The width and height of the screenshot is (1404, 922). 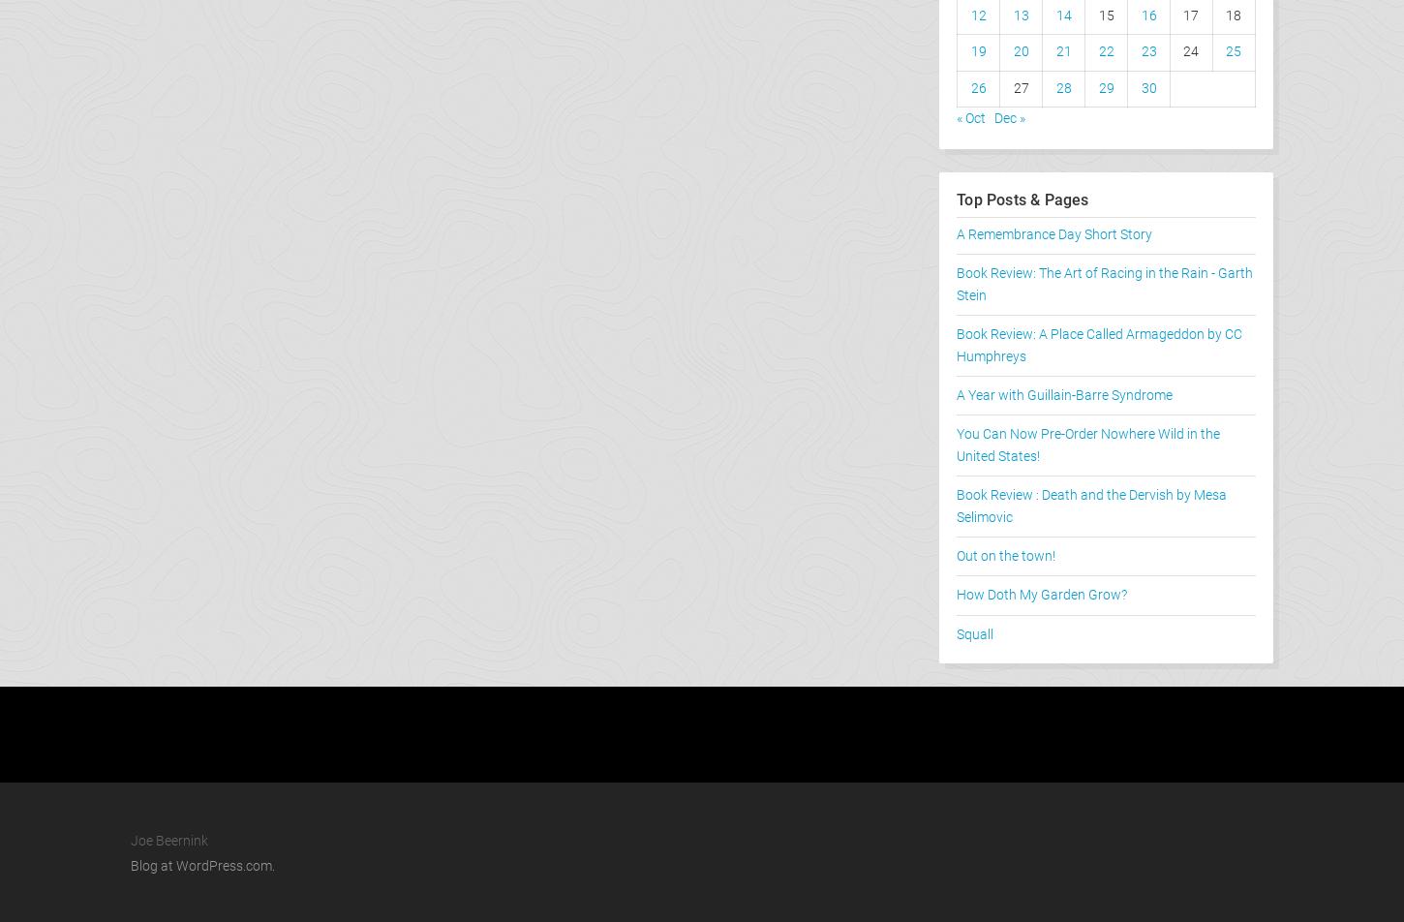 I want to click on '16', so click(x=1139, y=15).